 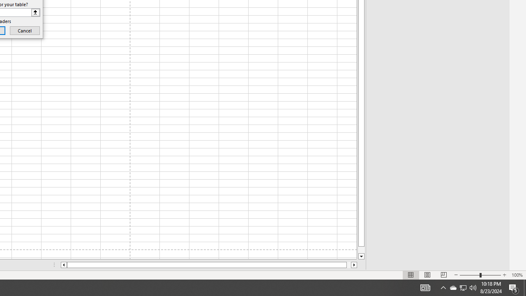 I want to click on 'Line down', so click(x=361, y=256).